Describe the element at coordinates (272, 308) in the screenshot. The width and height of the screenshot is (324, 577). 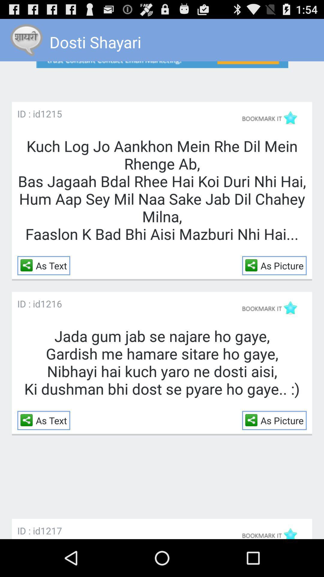
I see `bookmark this` at that location.